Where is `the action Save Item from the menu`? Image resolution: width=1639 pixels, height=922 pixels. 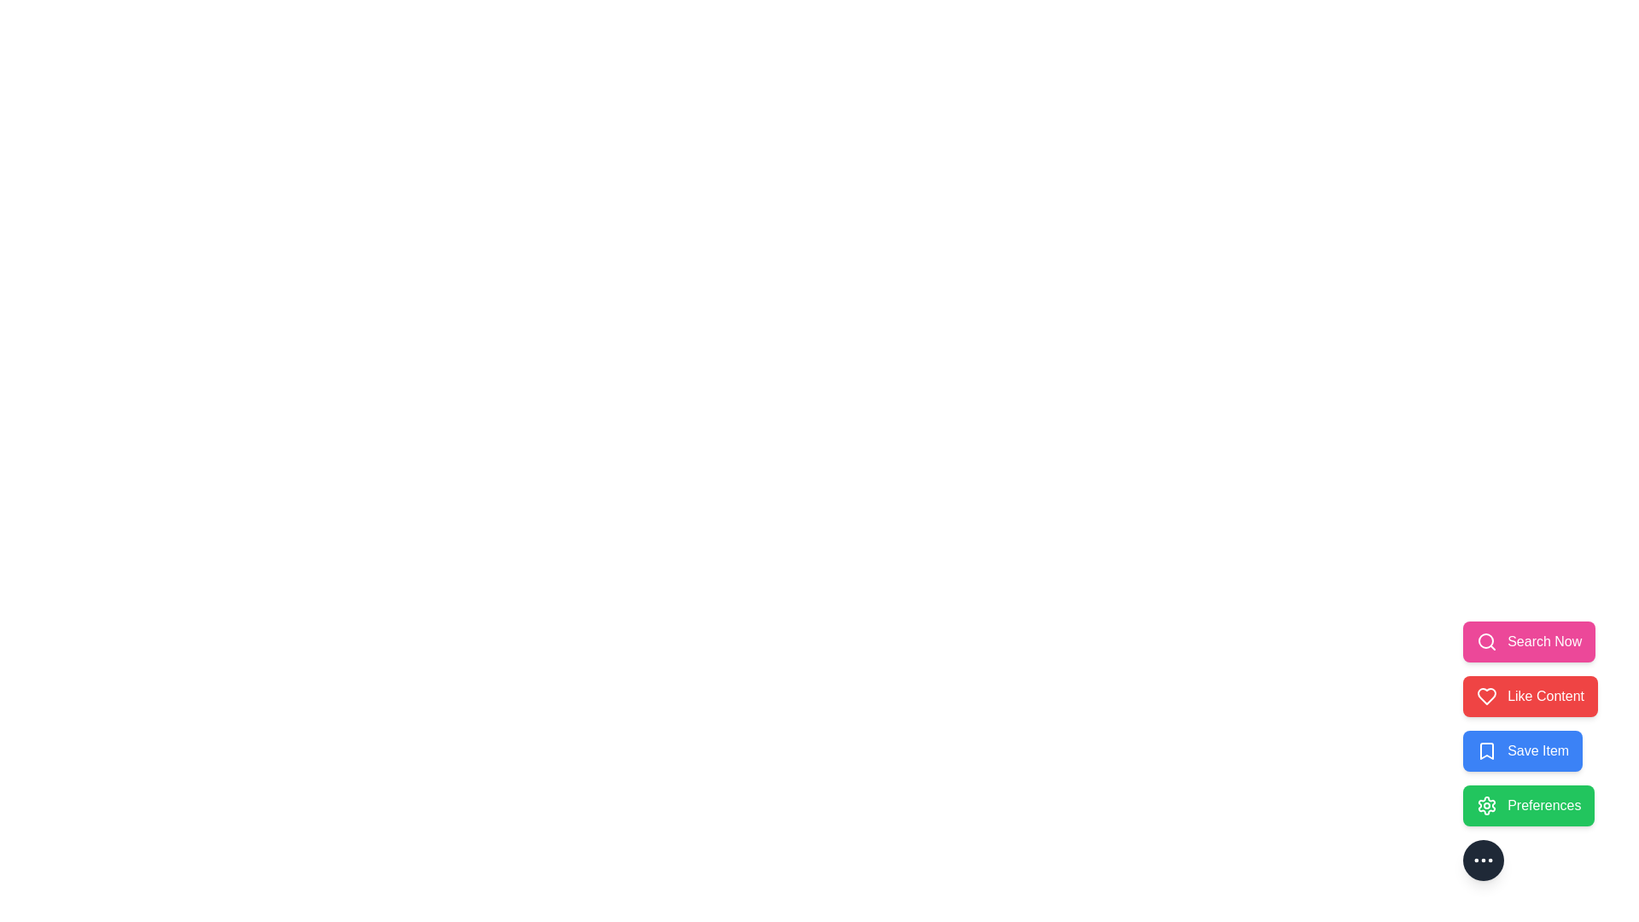
the action Save Item from the menu is located at coordinates (1523, 750).